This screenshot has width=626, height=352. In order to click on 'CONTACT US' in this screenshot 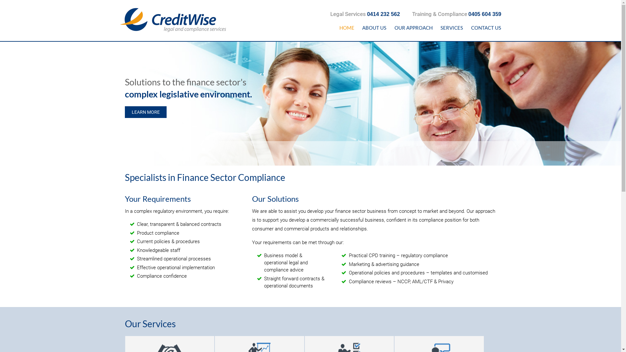, I will do `click(466, 27)`.